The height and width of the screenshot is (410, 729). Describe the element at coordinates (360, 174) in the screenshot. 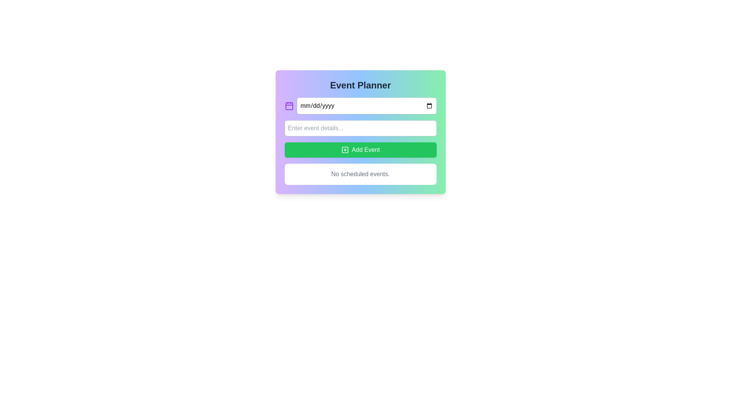

I see `the Text Display element that indicates the absence of scheduled events, located at the bottom center of the interface under the green 'Add Event' button` at that location.